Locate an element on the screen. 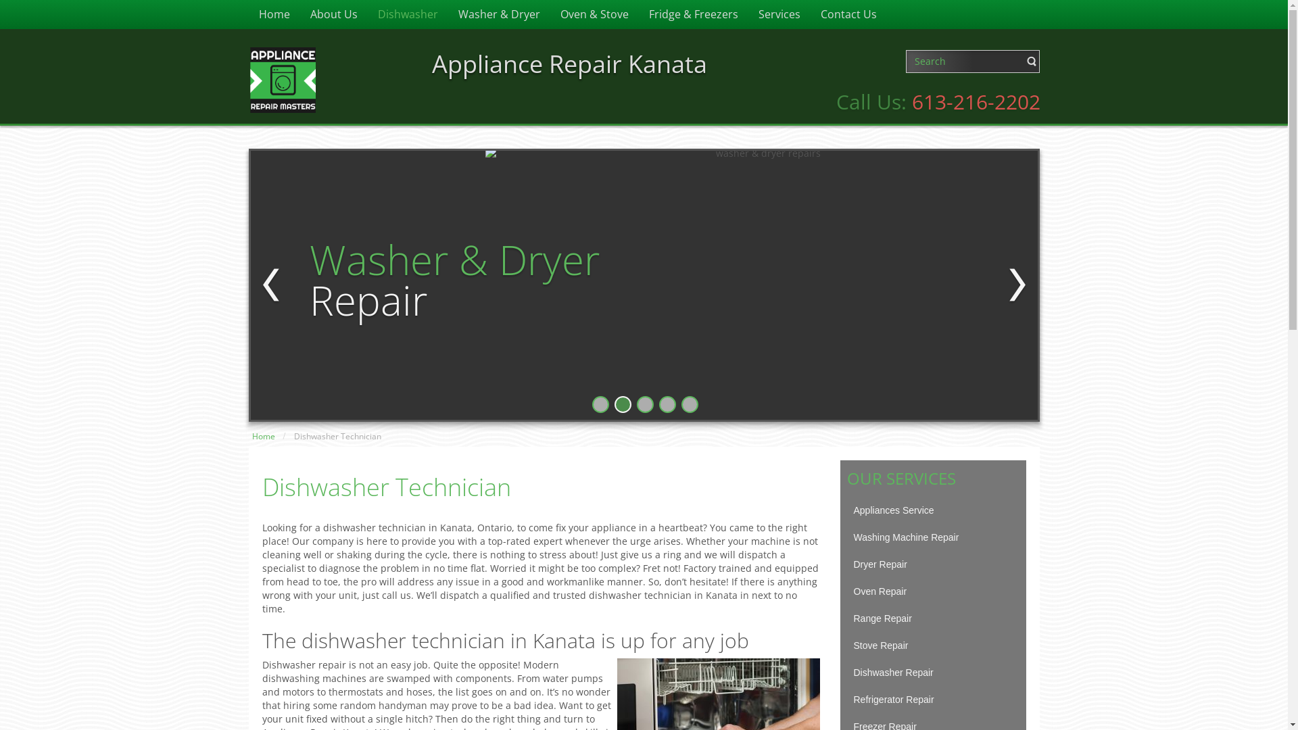 The image size is (1298, 730). 'Washing Machine Repair' is located at coordinates (932, 536).